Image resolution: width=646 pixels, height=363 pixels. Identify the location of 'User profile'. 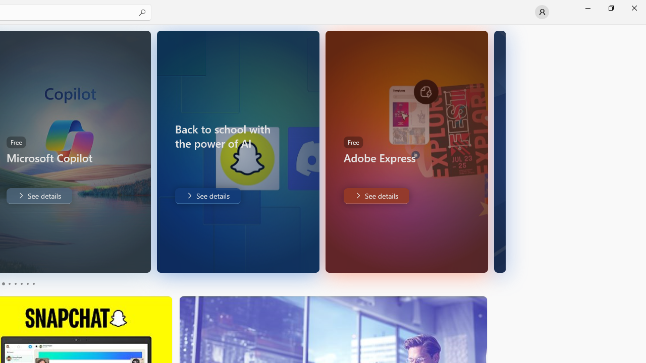
(541, 12).